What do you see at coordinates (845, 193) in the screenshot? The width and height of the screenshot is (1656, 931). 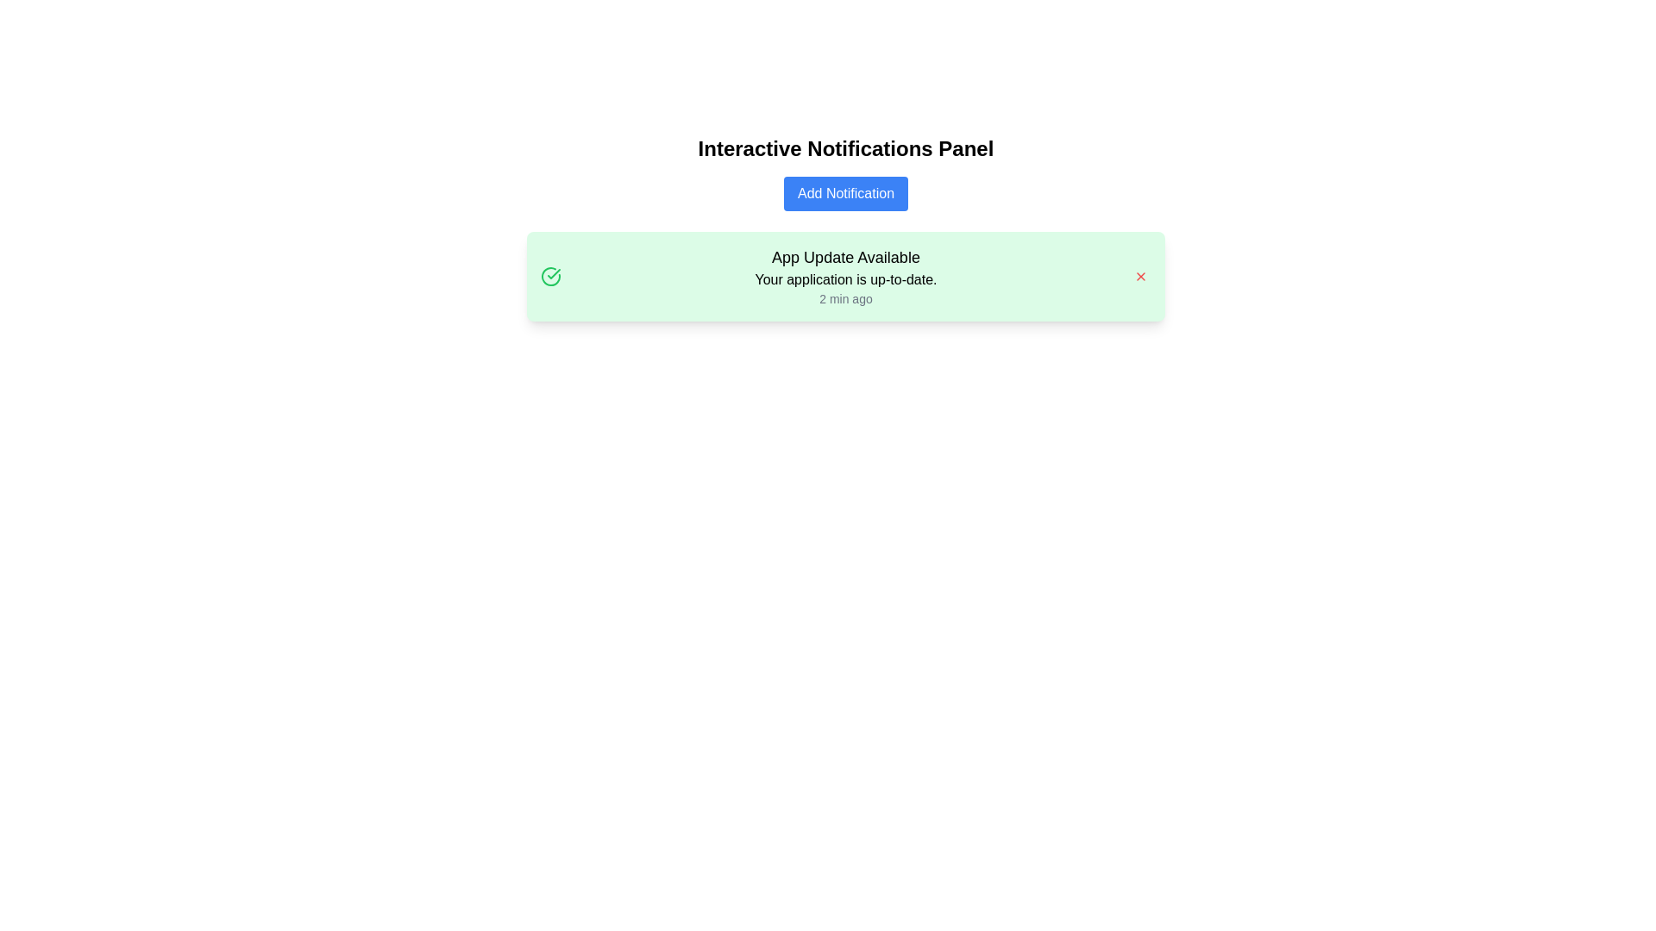 I see `the blue rectangular button labeled 'Add Notification'` at bounding box center [845, 193].